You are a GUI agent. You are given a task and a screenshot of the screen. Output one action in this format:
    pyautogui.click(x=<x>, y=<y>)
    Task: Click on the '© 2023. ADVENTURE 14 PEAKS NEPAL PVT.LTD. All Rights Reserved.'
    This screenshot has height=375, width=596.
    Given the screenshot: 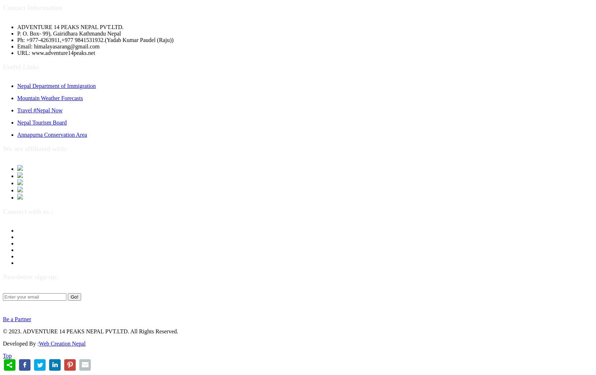 What is the action you would take?
    pyautogui.click(x=90, y=331)
    